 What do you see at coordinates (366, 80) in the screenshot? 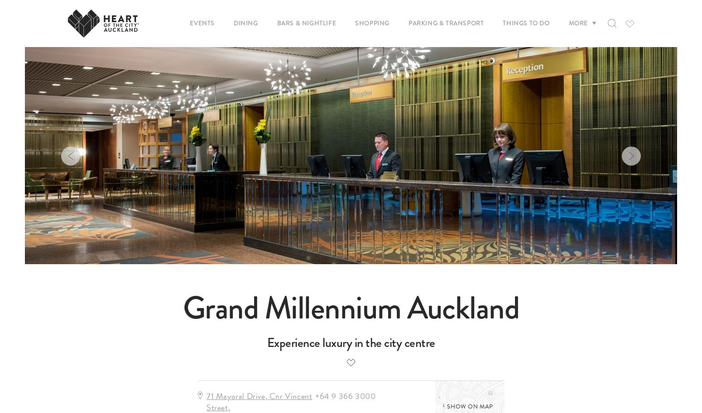
I see `'28 July 2023'` at bounding box center [366, 80].